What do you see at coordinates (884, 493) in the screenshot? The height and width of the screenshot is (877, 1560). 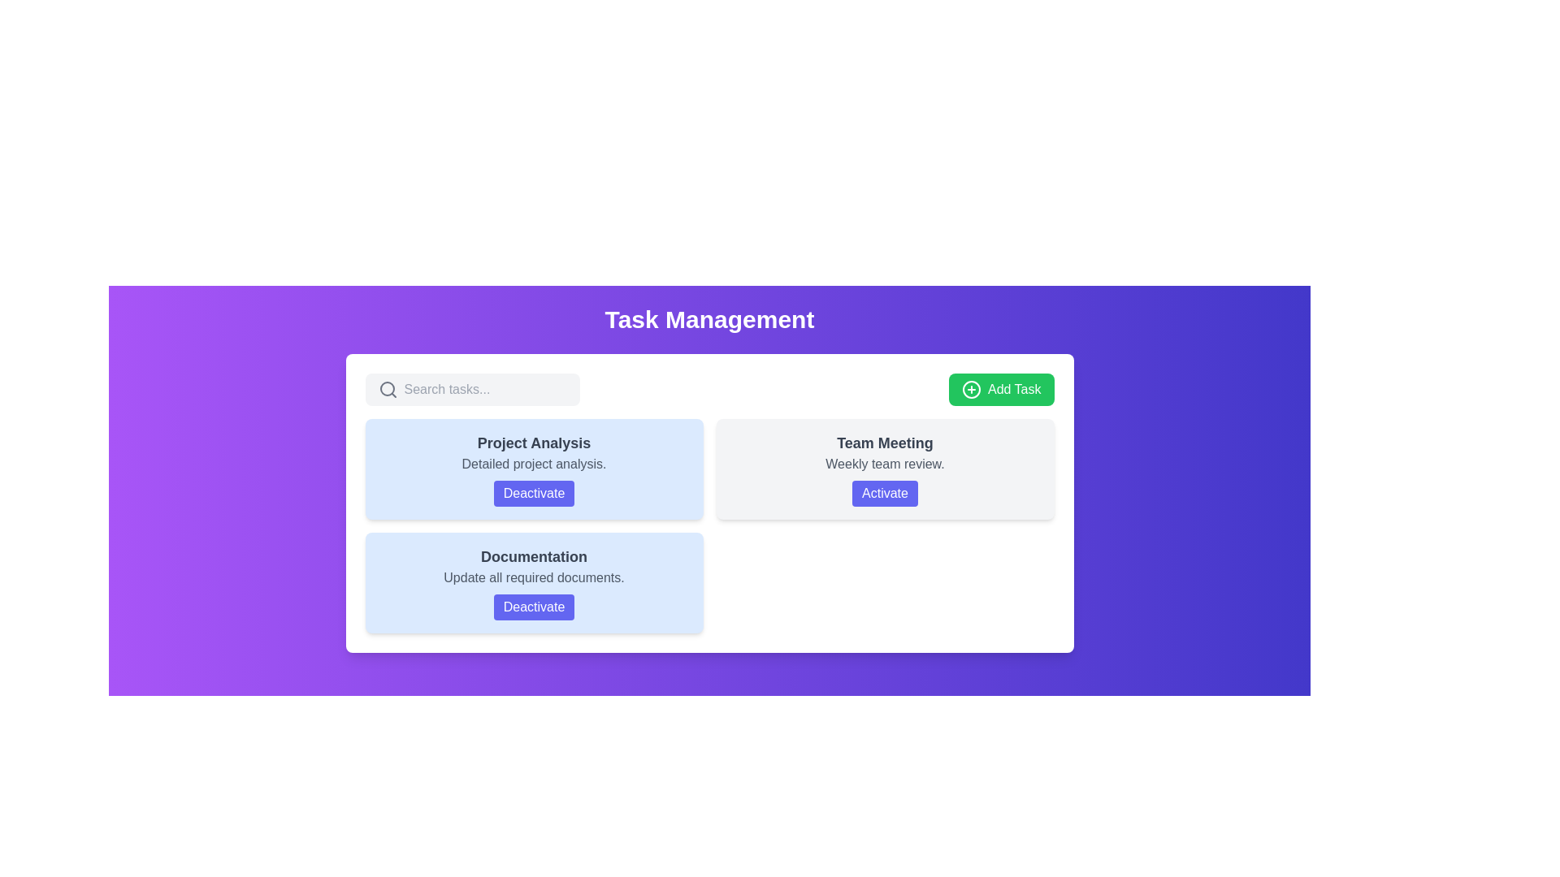 I see `the rectangular button with rounded corners and vibrant indigo background labeled 'Activate' located at the bottom of the 'Team Meeting' card` at bounding box center [884, 493].